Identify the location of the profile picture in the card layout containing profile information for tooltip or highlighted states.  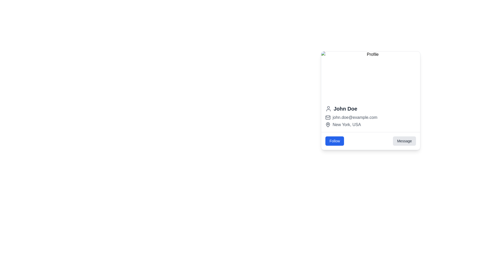
(370, 100).